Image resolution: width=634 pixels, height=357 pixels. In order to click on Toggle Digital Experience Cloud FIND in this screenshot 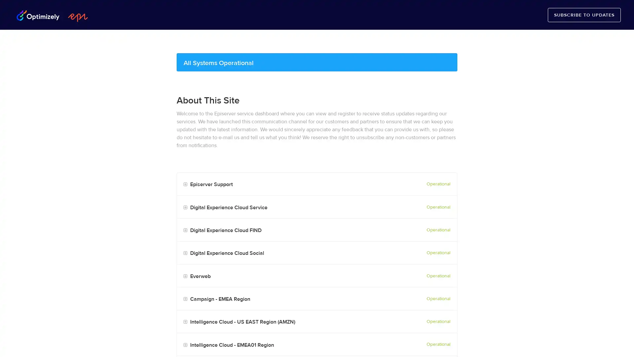, I will do `click(185, 230)`.